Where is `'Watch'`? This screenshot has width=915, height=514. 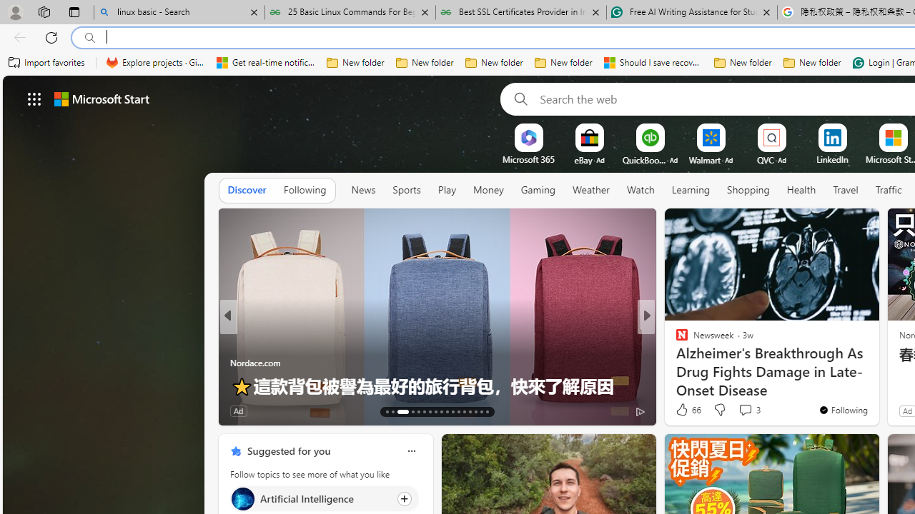
'Watch' is located at coordinates (640, 190).